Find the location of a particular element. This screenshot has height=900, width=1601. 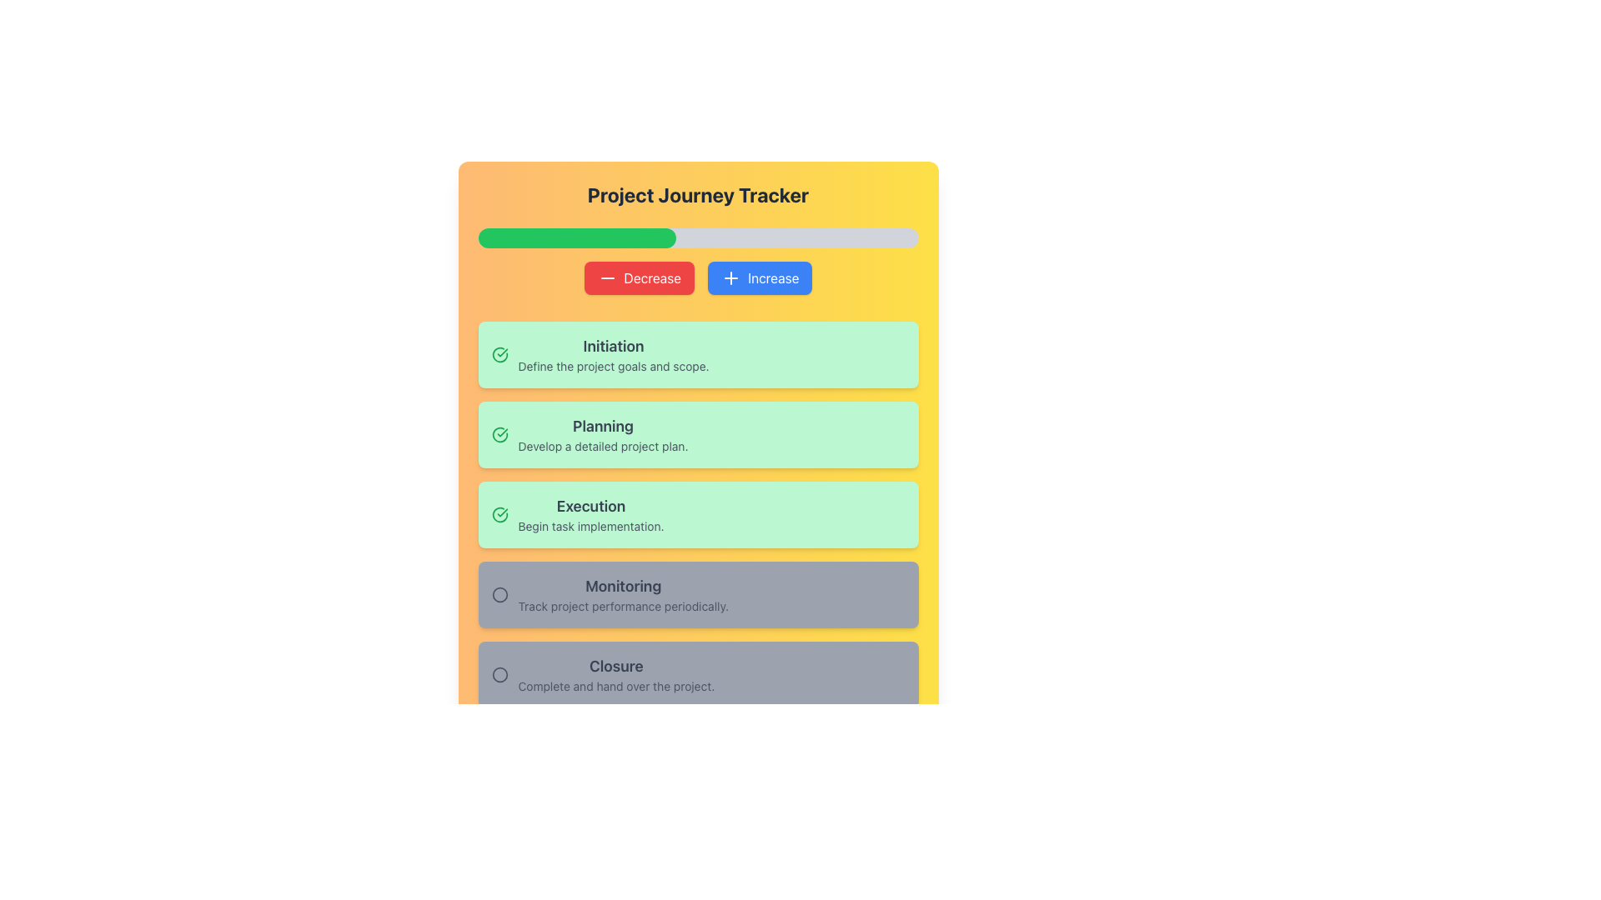

text label 'Increase' located within the button styled with rounded corners and a blue background at the specified coordinates is located at coordinates (772, 277).